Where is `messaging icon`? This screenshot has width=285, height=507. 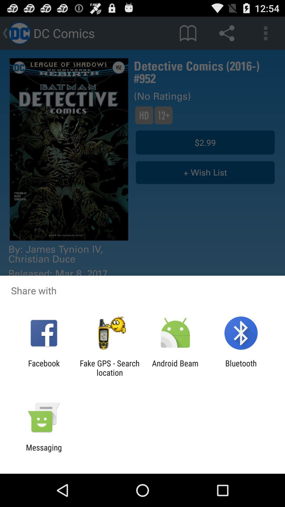
messaging icon is located at coordinates (44, 452).